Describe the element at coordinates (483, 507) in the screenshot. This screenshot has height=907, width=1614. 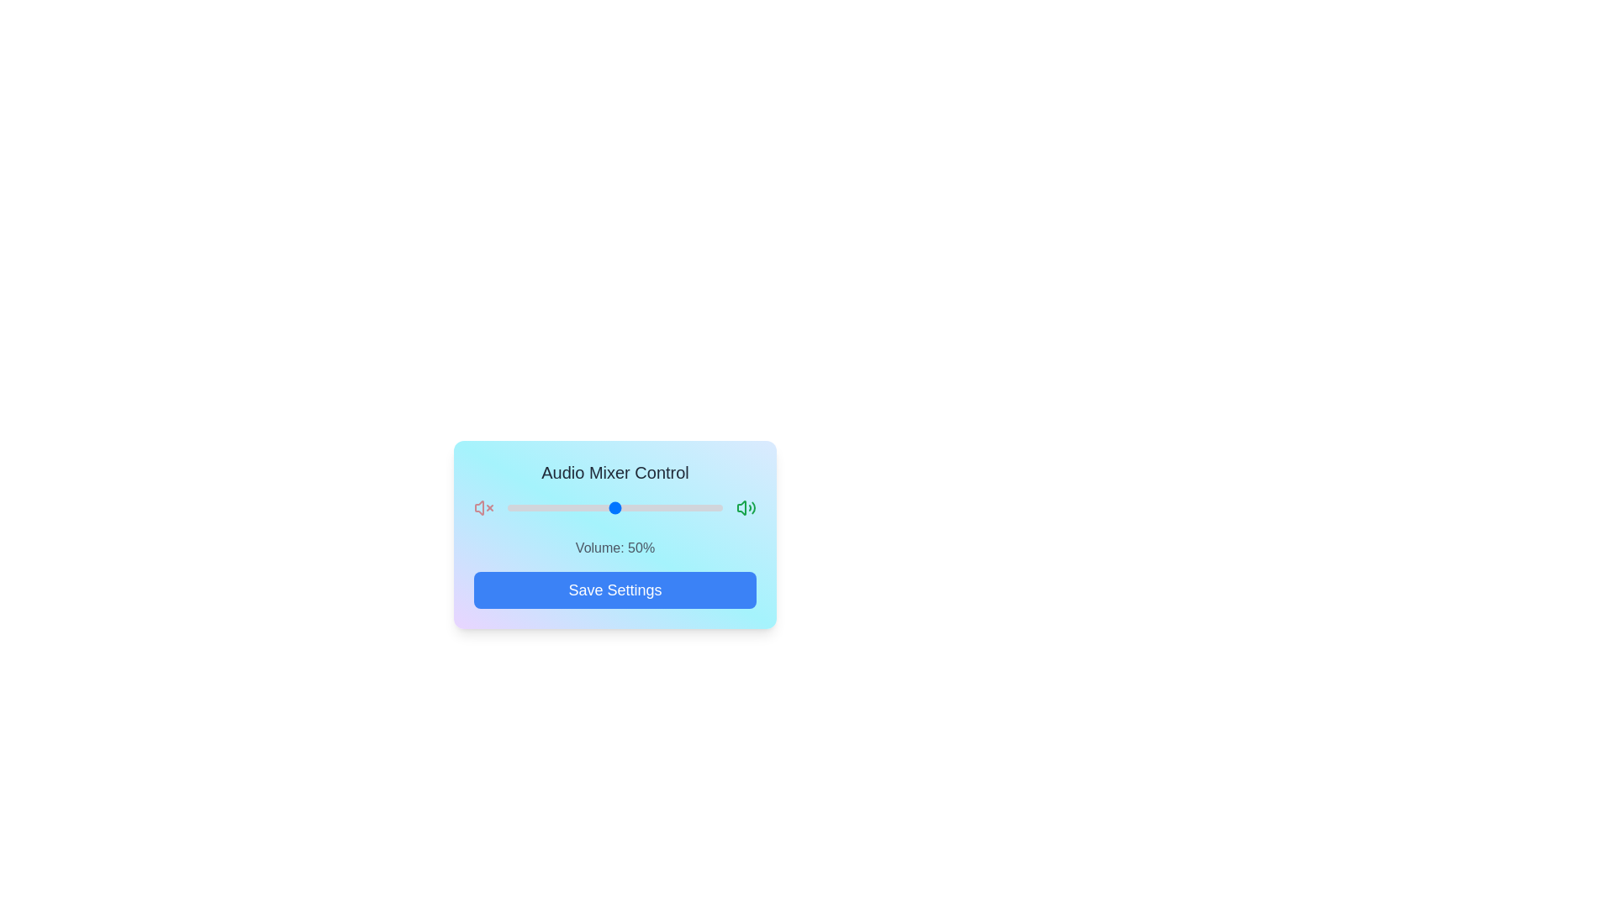
I see `mute button to mute the volume` at that location.